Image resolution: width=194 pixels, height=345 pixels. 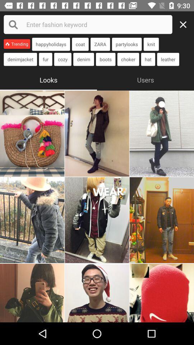 I want to click on open picture, so click(x=162, y=293).